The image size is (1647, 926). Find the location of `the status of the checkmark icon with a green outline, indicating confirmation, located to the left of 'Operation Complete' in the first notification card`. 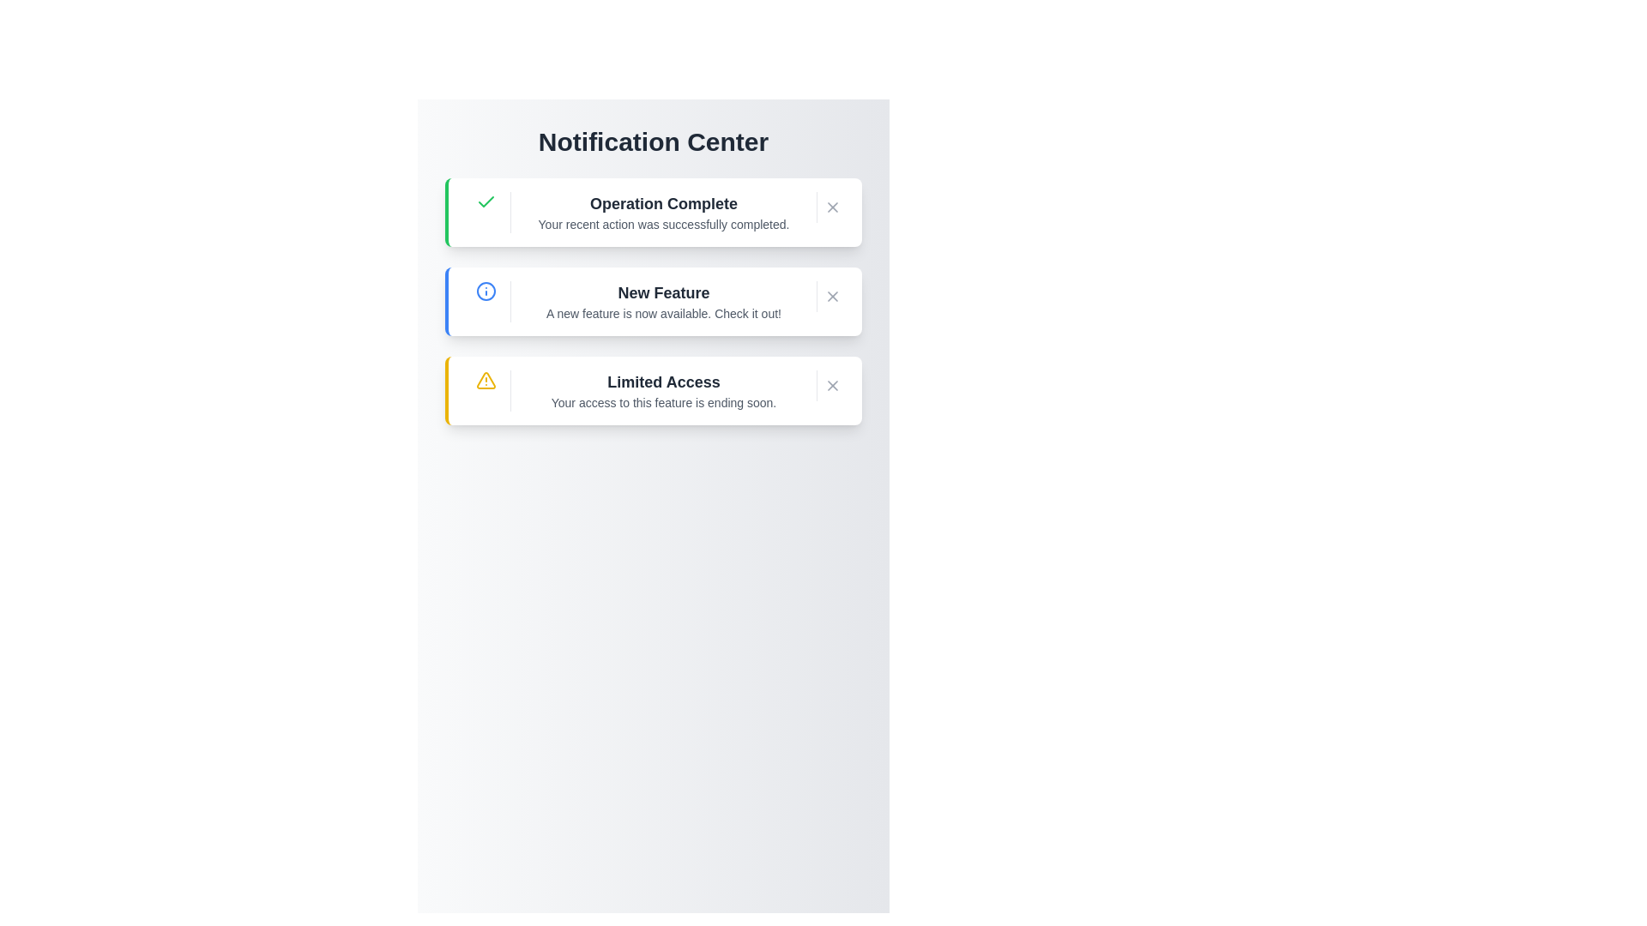

the status of the checkmark icon with a green outline, indicating confirmation, located to the left of 'Operation Complete' in the first notification card is located at coordinates (485, 201).